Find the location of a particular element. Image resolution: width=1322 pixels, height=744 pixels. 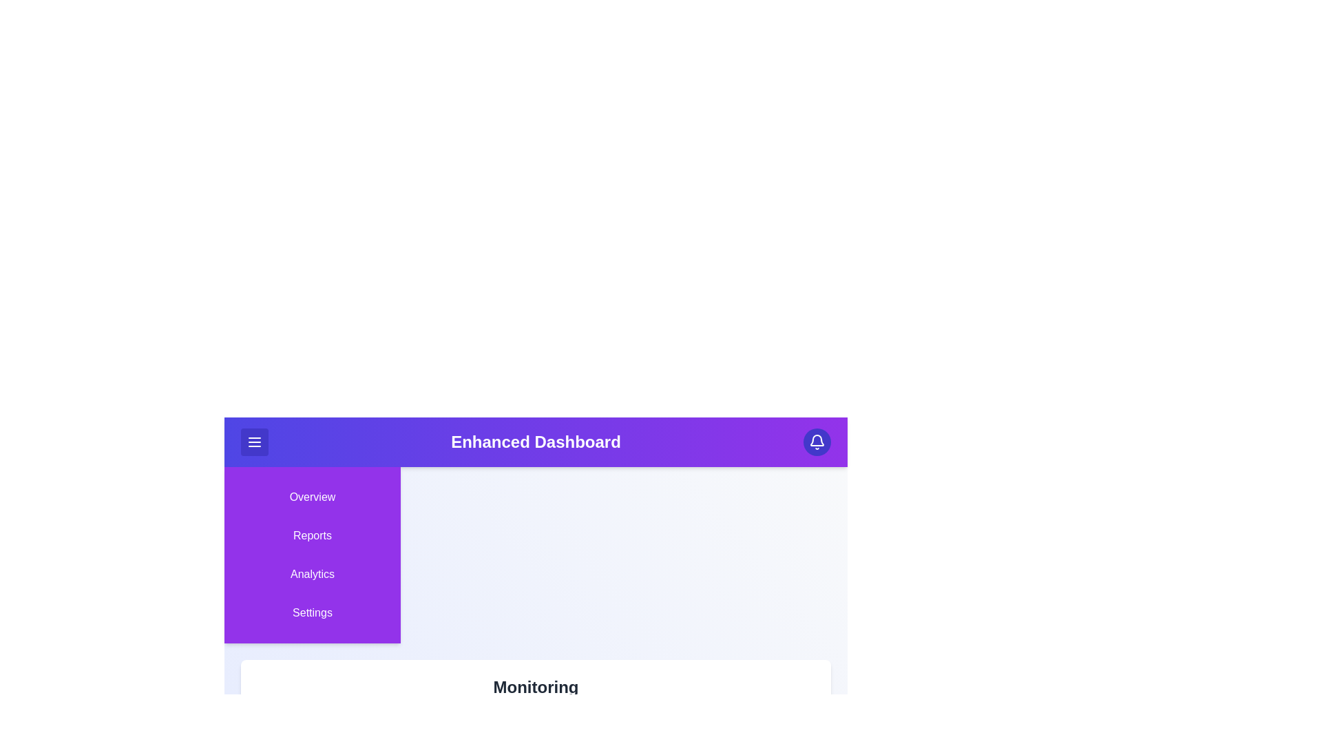

the notification button located at the top-right corner of the AppBar is located at coordinates (817, 442).